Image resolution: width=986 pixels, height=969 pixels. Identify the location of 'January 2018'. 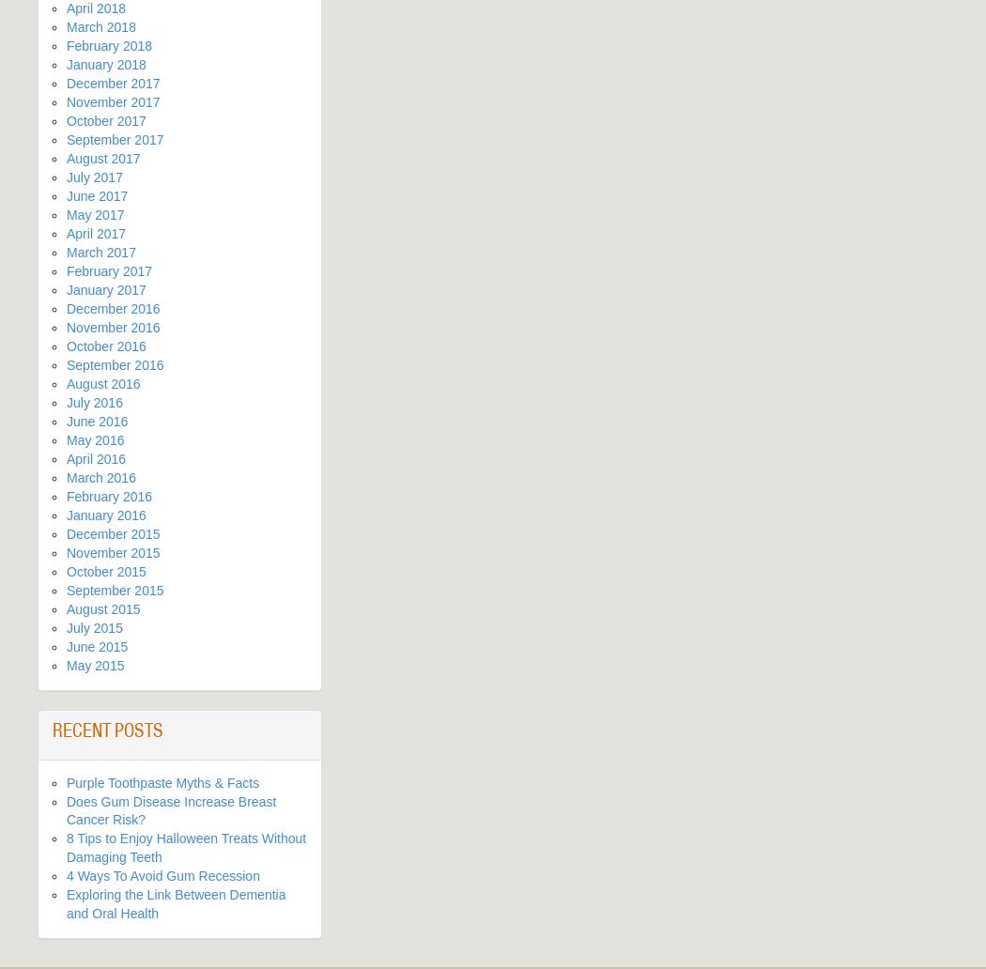
(65, 65).